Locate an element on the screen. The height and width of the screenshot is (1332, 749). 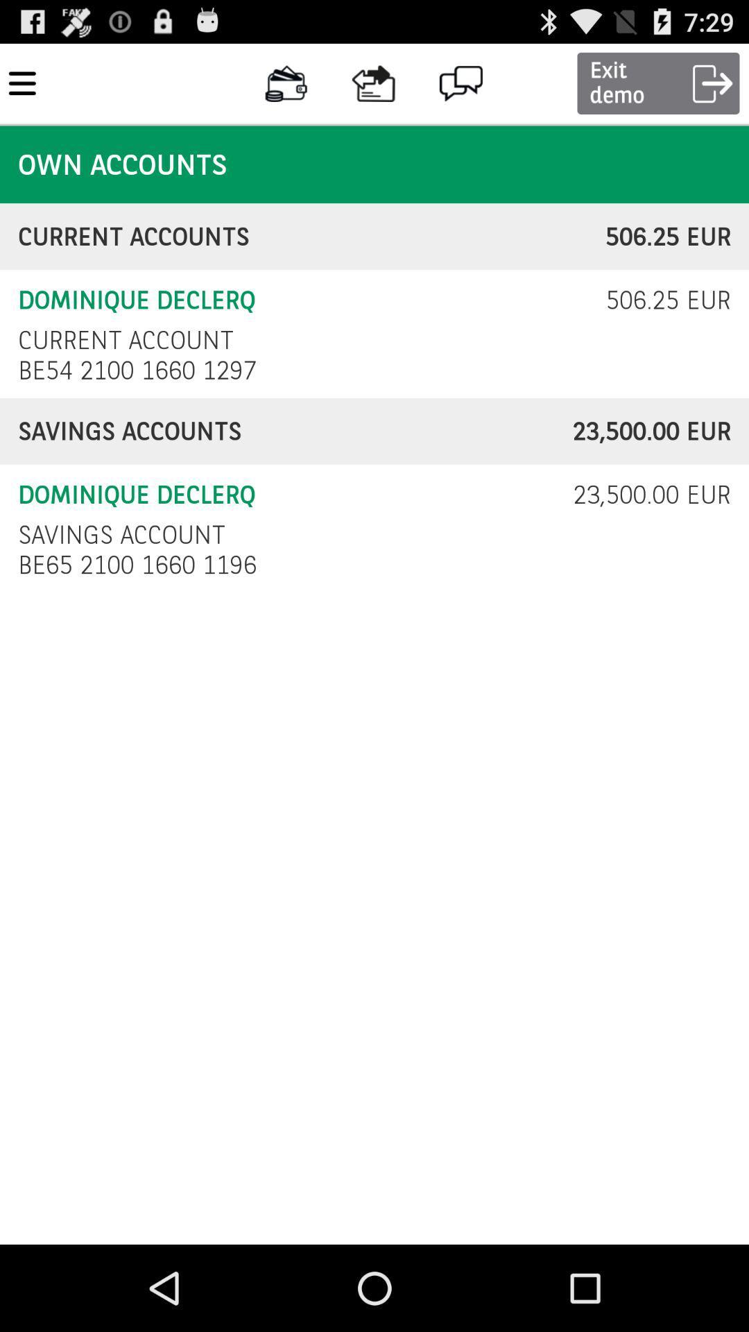
the message icon at the top of the page is located at coordinates (461, 83).